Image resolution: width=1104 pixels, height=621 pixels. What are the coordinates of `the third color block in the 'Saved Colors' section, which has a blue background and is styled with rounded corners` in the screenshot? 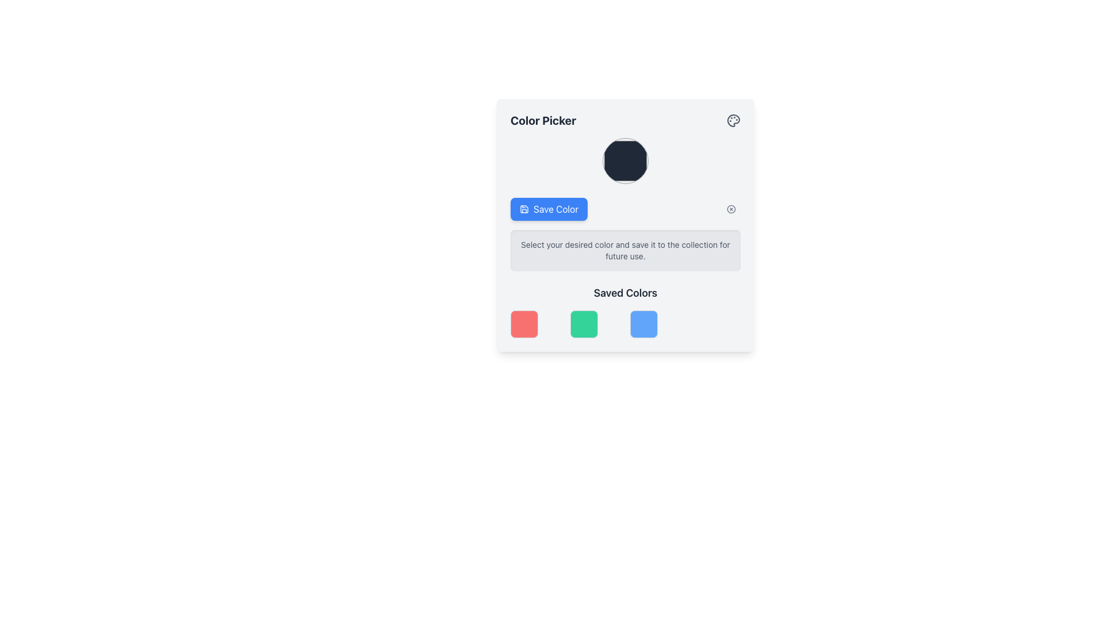 It's located at (643, 324).